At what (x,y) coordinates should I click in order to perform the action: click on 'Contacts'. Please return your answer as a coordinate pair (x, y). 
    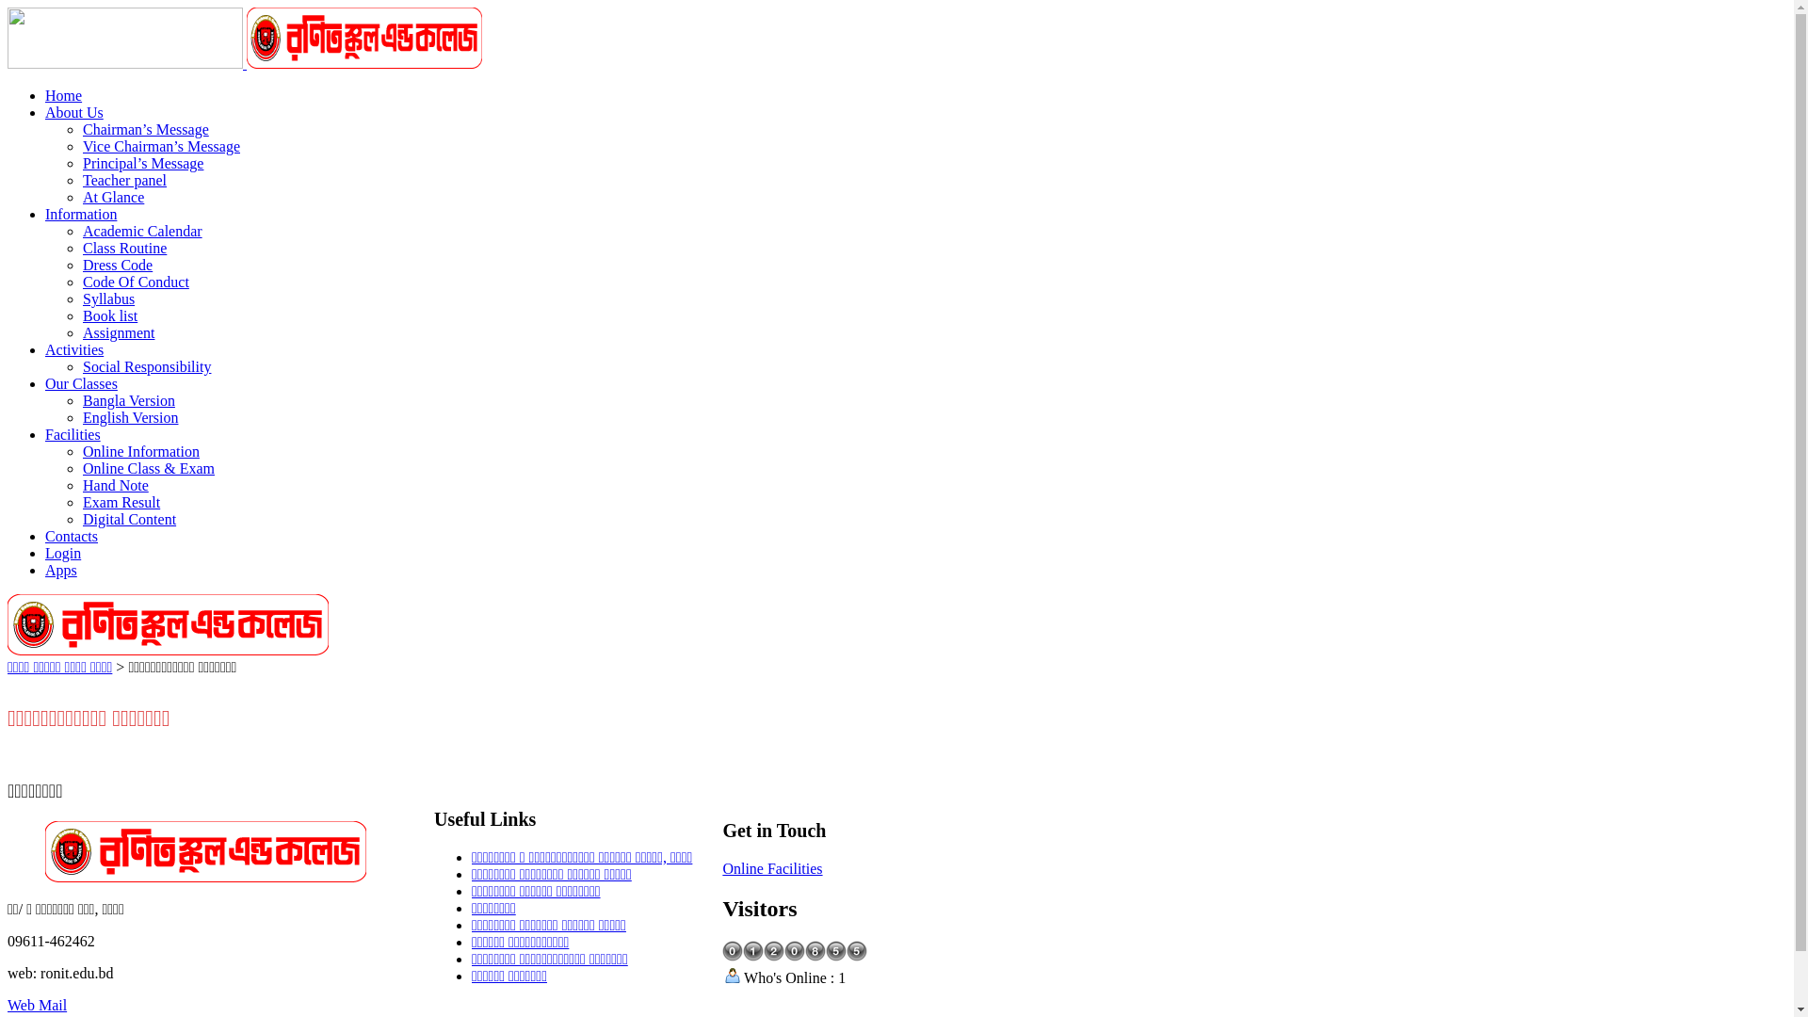
    Looking at the image, I should click on (72, 536).